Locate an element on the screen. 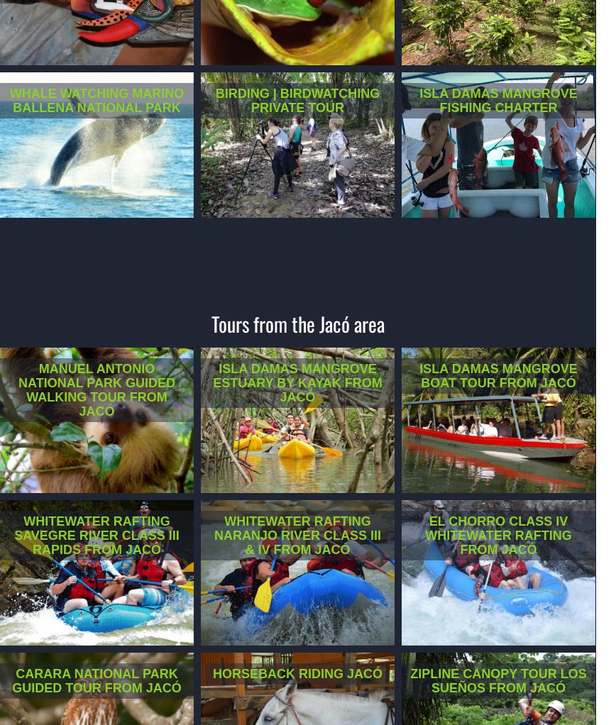 This screenshot has width=616, height=725. 'Our Whale Watching tour gives you the opportunity to spot pilot whales and humpback whales with their babies during their migration, following the warm waters of the Central Pacific Ocean.' is located at coordinates (95, 133).